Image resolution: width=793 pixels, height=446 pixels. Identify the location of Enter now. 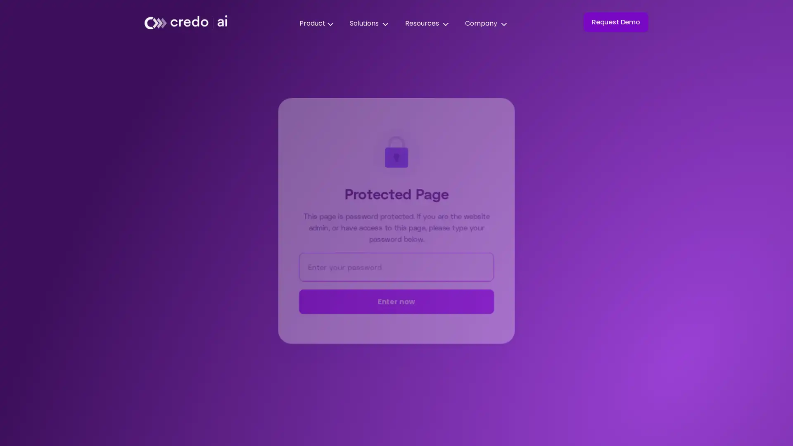
(396, 302).